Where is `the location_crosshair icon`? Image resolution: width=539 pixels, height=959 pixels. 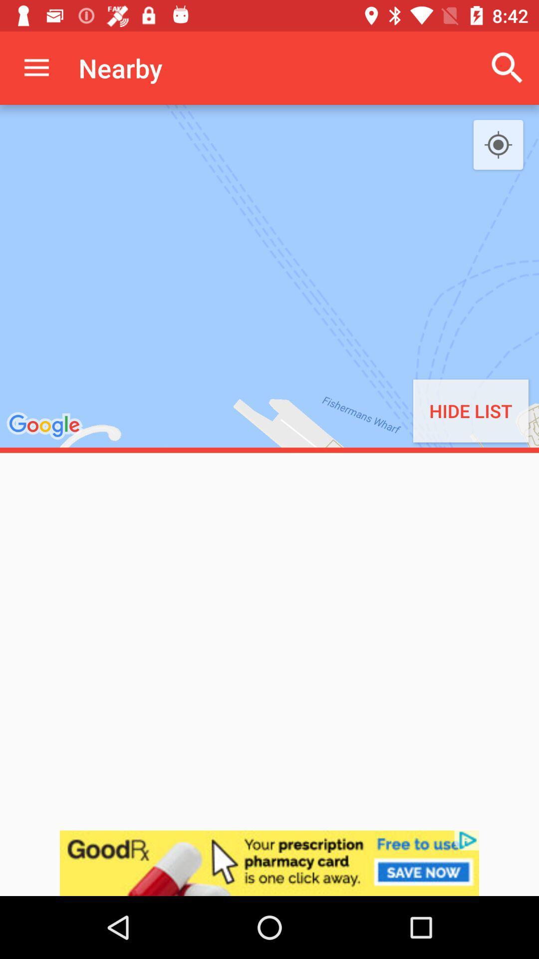
the location_crosshair icon is located at coordinates (498, 145).